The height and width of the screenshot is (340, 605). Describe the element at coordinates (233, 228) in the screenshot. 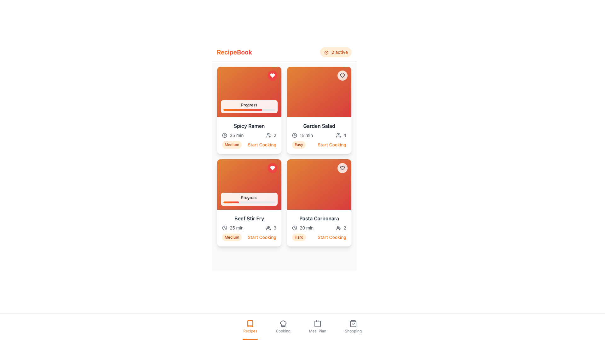

I see `cooking time information displayed in the text with icon for the 'Beef Stir Fry' recipe, located under the progress bar and recipe title` at that location.